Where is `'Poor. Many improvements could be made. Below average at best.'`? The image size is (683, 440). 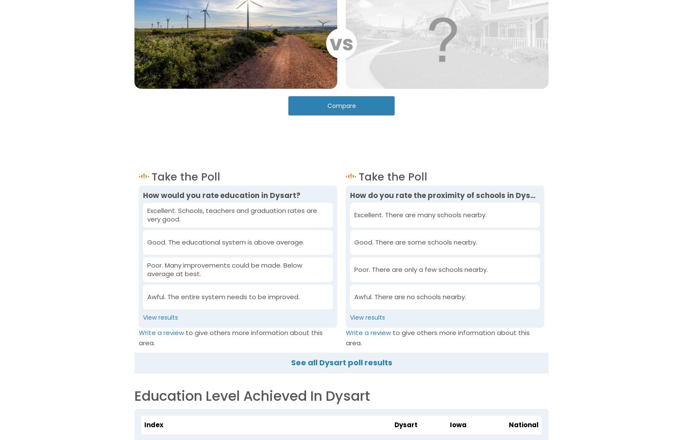
'Poor. Many improvements could be made. Below average at best.' is located at coordinates (224, 269).